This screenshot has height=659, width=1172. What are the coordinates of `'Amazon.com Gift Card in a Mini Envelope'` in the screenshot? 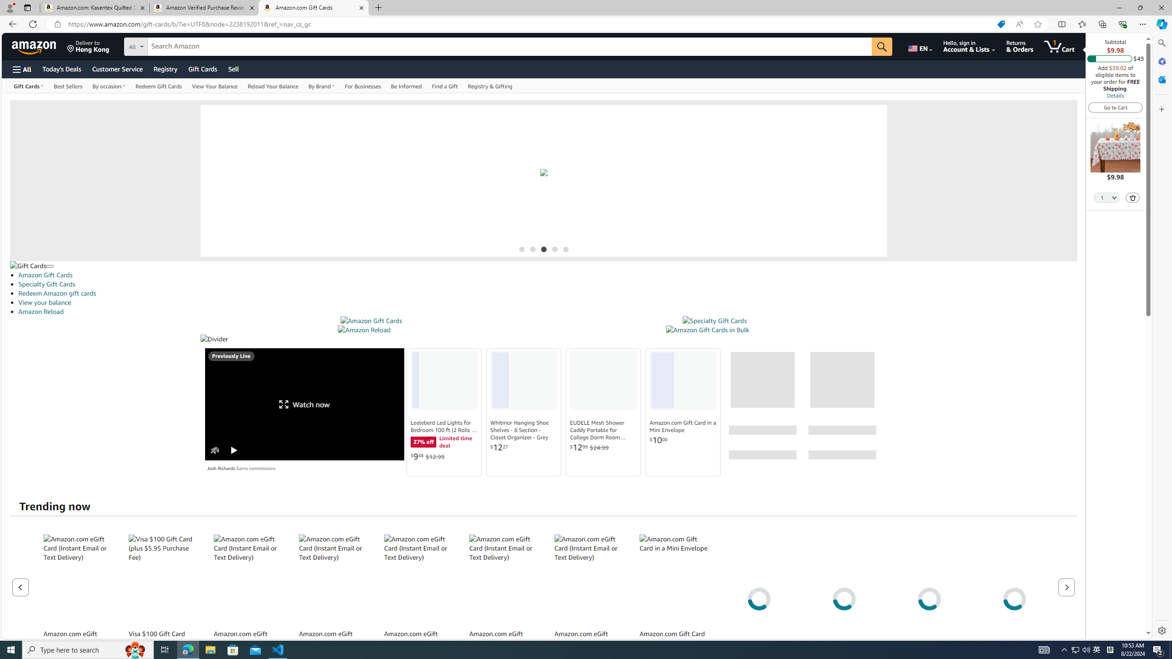 It's located at (683, 426).